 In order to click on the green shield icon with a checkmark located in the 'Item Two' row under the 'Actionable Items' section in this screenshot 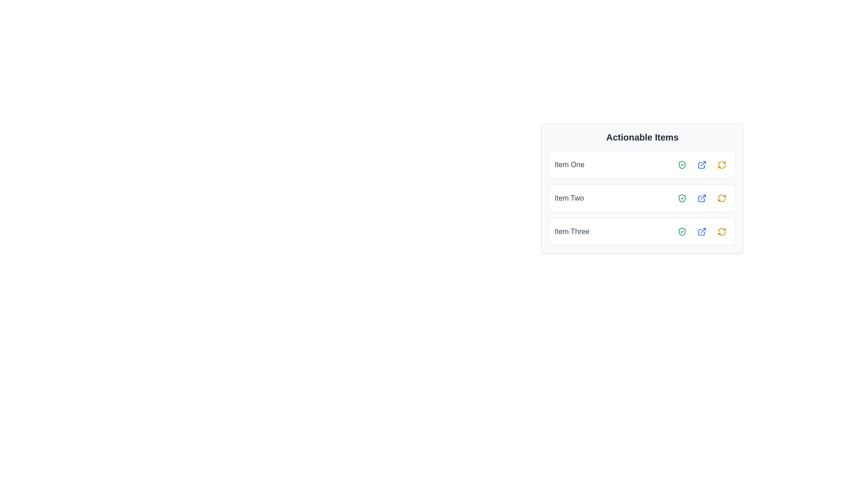, I will do `click(682, 198)`.